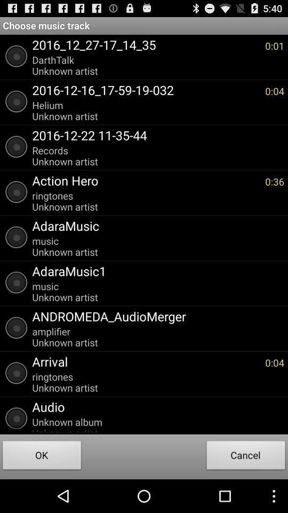  Describe the element at coordinates (246, 456) in the screenshot. I see `item to the right of ok button` at that location.